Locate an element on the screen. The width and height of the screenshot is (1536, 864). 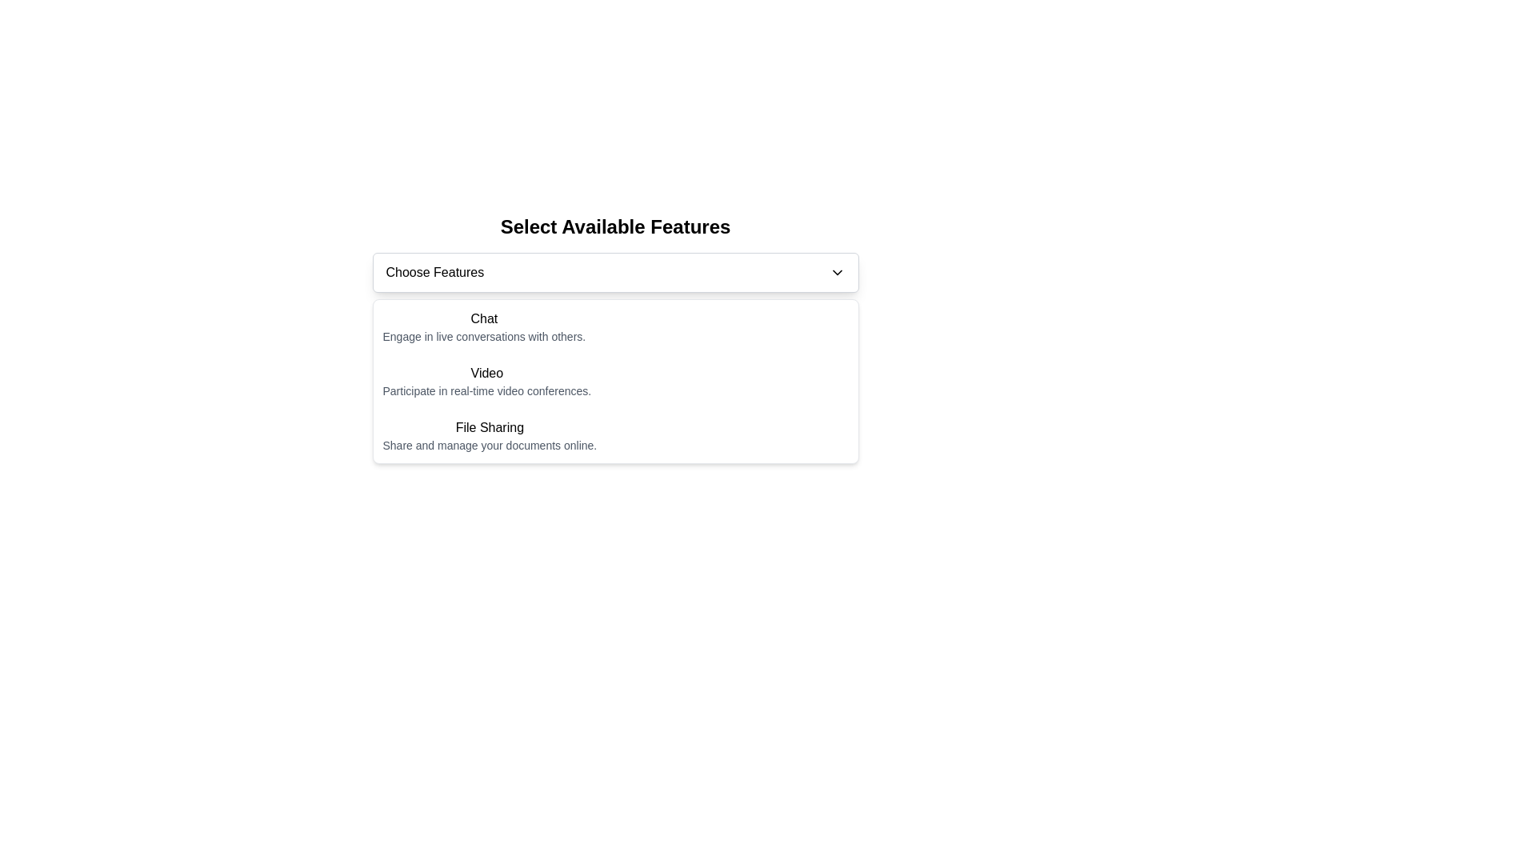
the topmost selectable list item labeled 'Chat' in the dropdown menu under 'Select Available Features' is located at coordinates (614, 326).